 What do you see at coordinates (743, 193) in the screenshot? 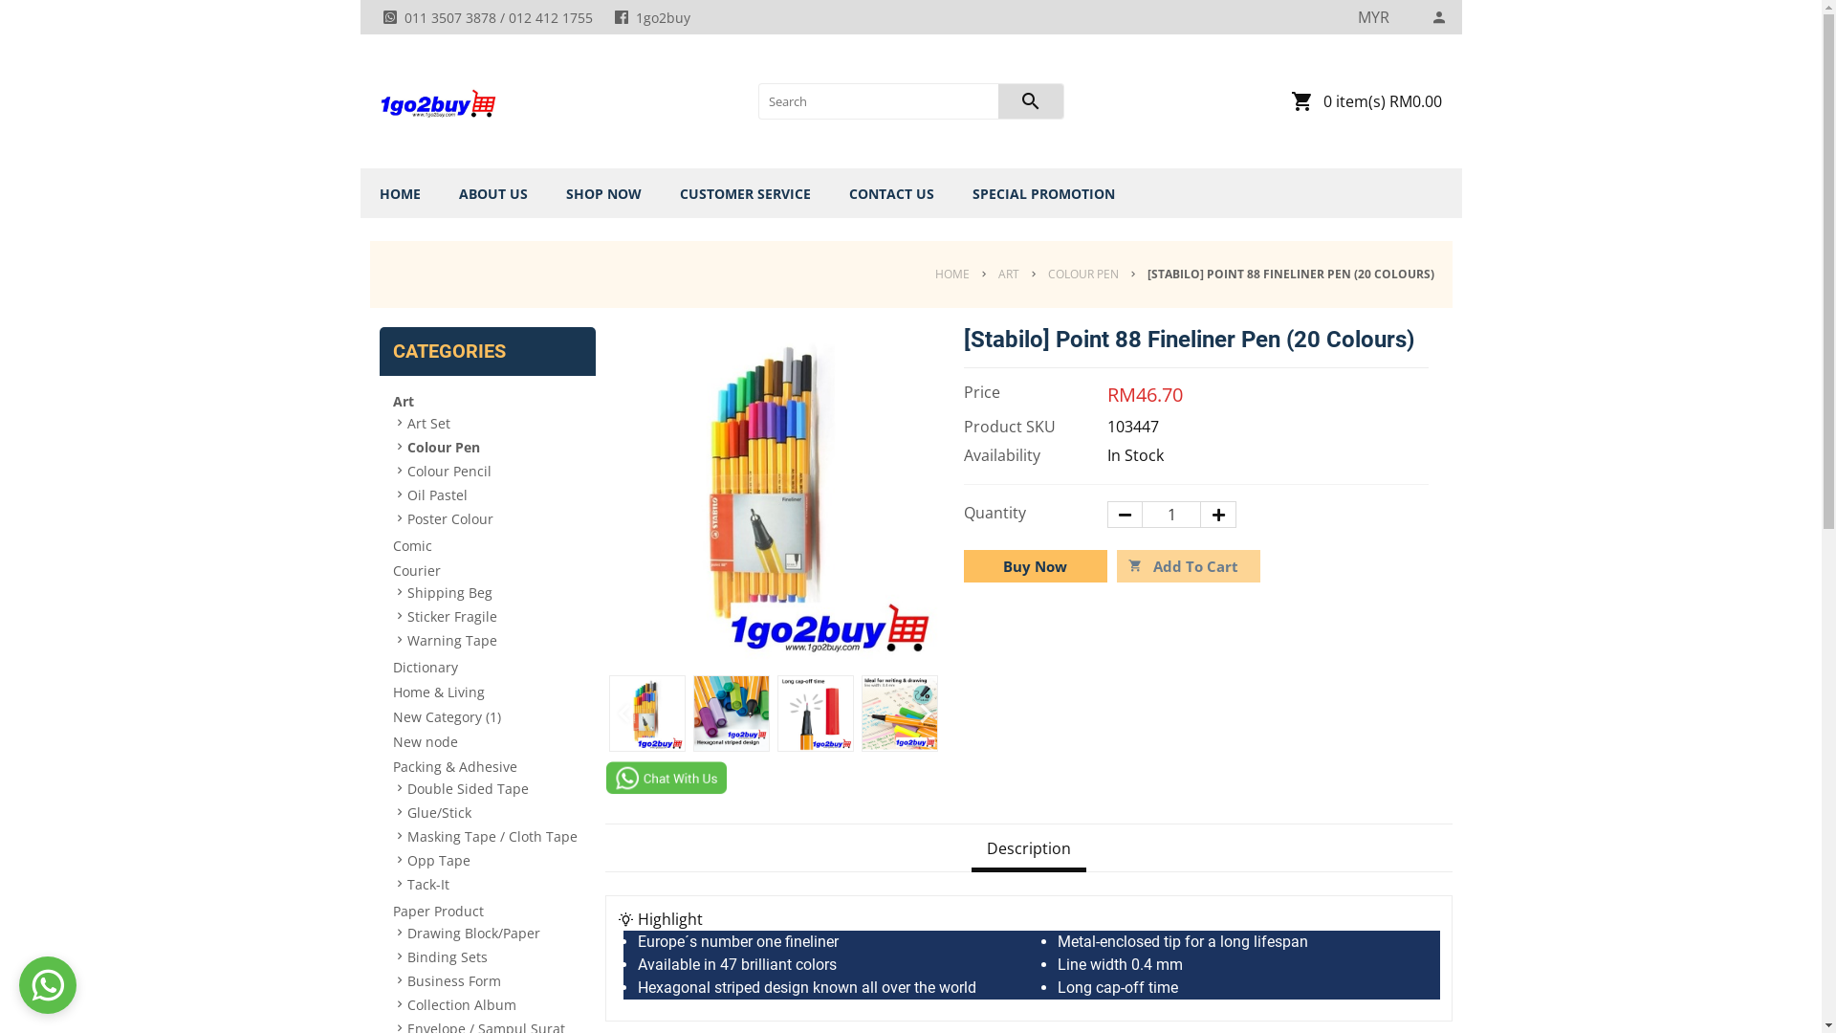
I see `'CUSTOMER SERVICE'` at bounding box center [743, 193].